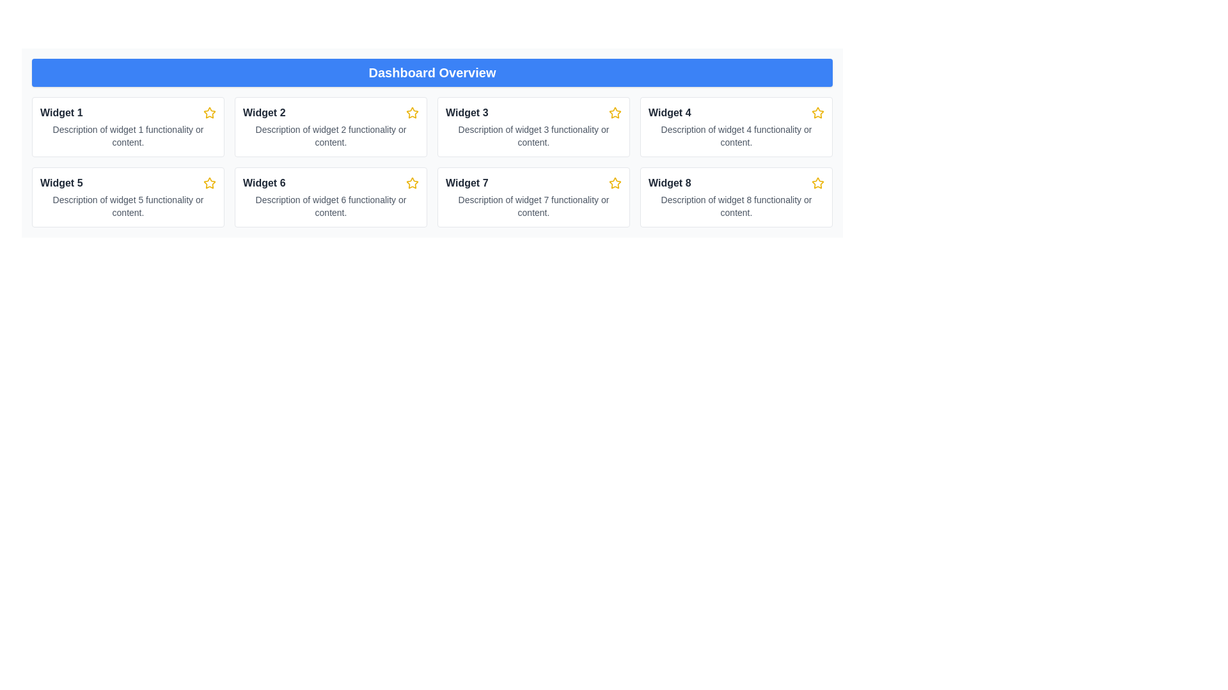 The height and width of the screenshot is (690, 1228). What do you see at coordinates (615, 183) in the screenshot?
I see `the star icon located in the top-right corner of the 'Widget 7' card, which is in the second row and third column of the grid layout` at bounding box center [615, 183].